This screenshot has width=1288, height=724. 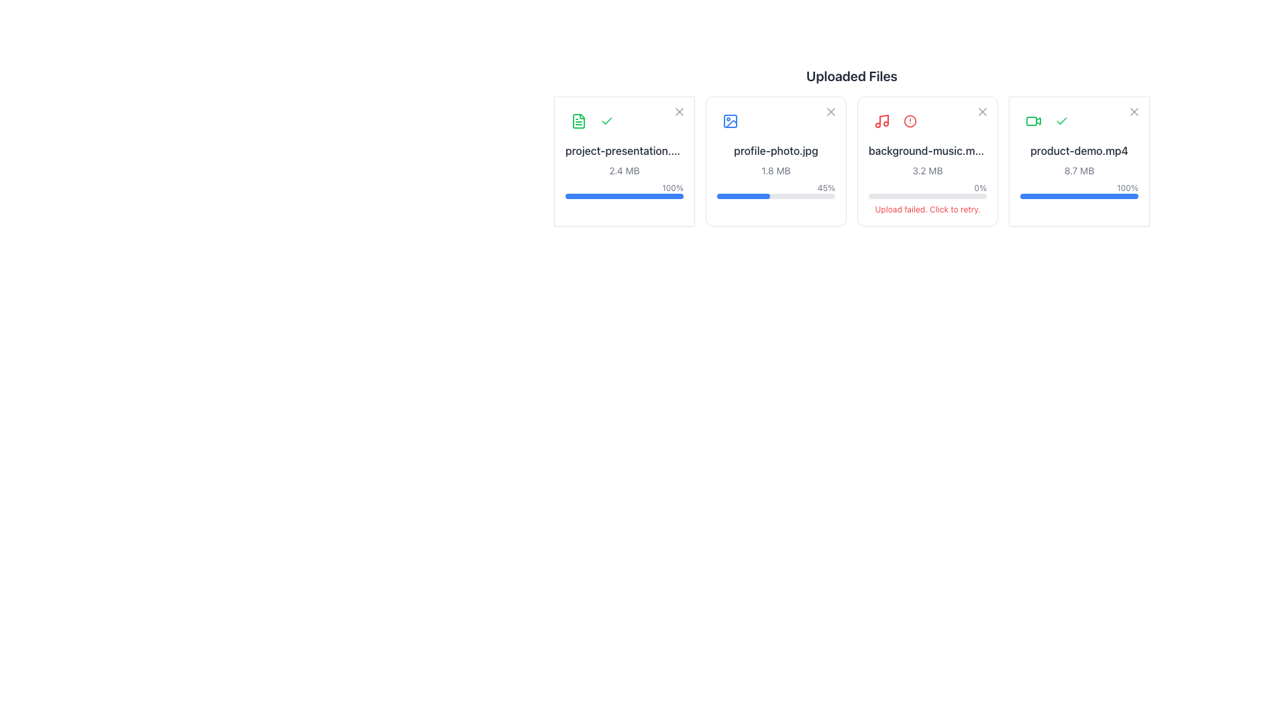 I want to click on the video camera icon with a green color theme located in the rightmost file card of the 'Uploaded Files' section, so click(x=1032, y=121).